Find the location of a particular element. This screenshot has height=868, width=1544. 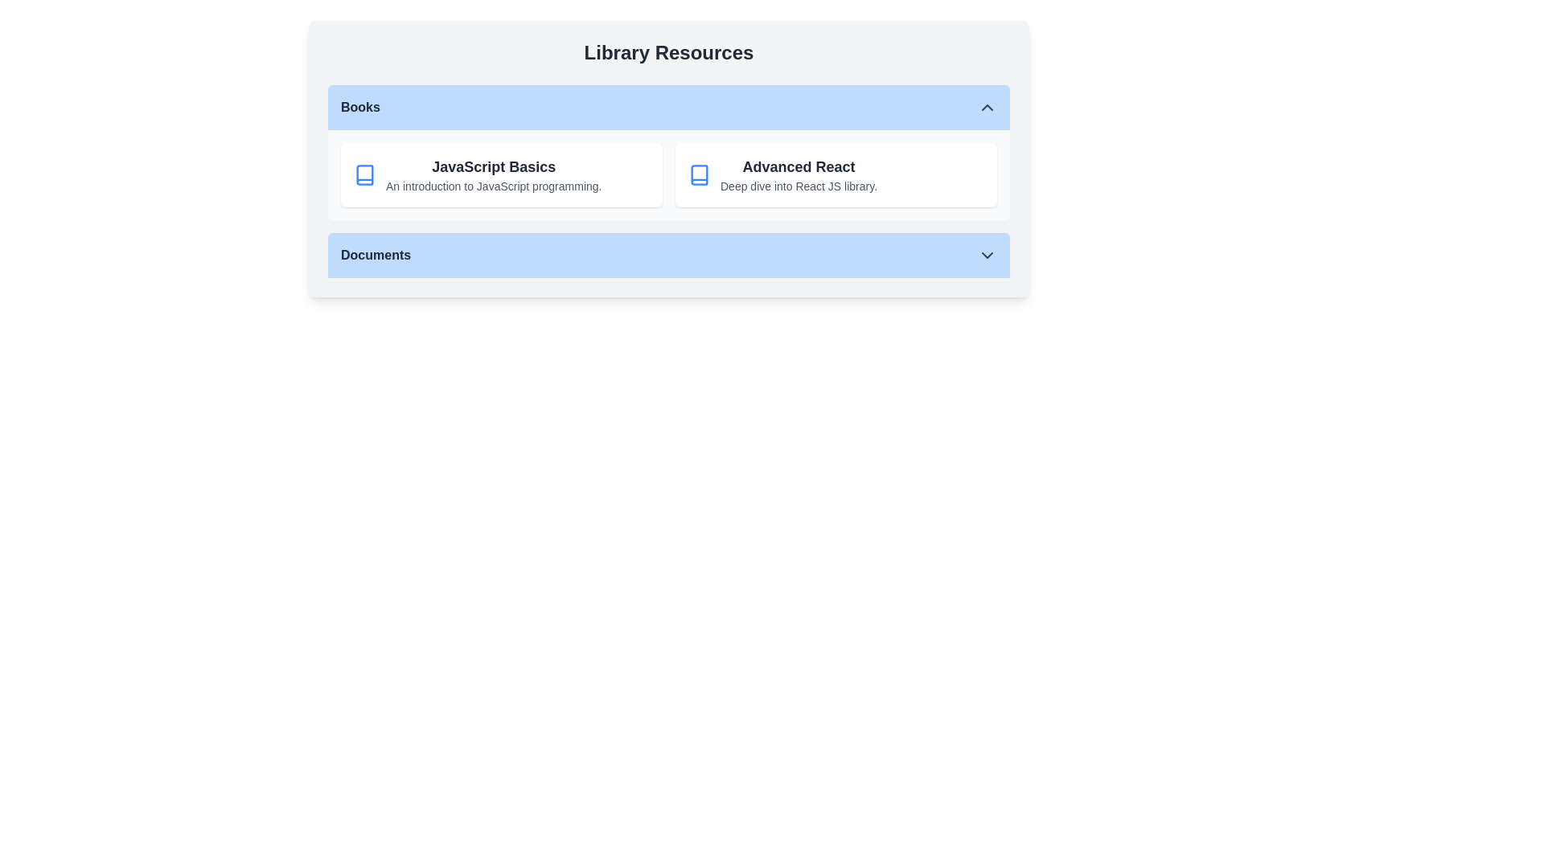

the text element reading 'An introduction to JavaScript programming.' located under the 'JavaScript Basics' title in the 'Books' section is located at coordinates (493, 185).